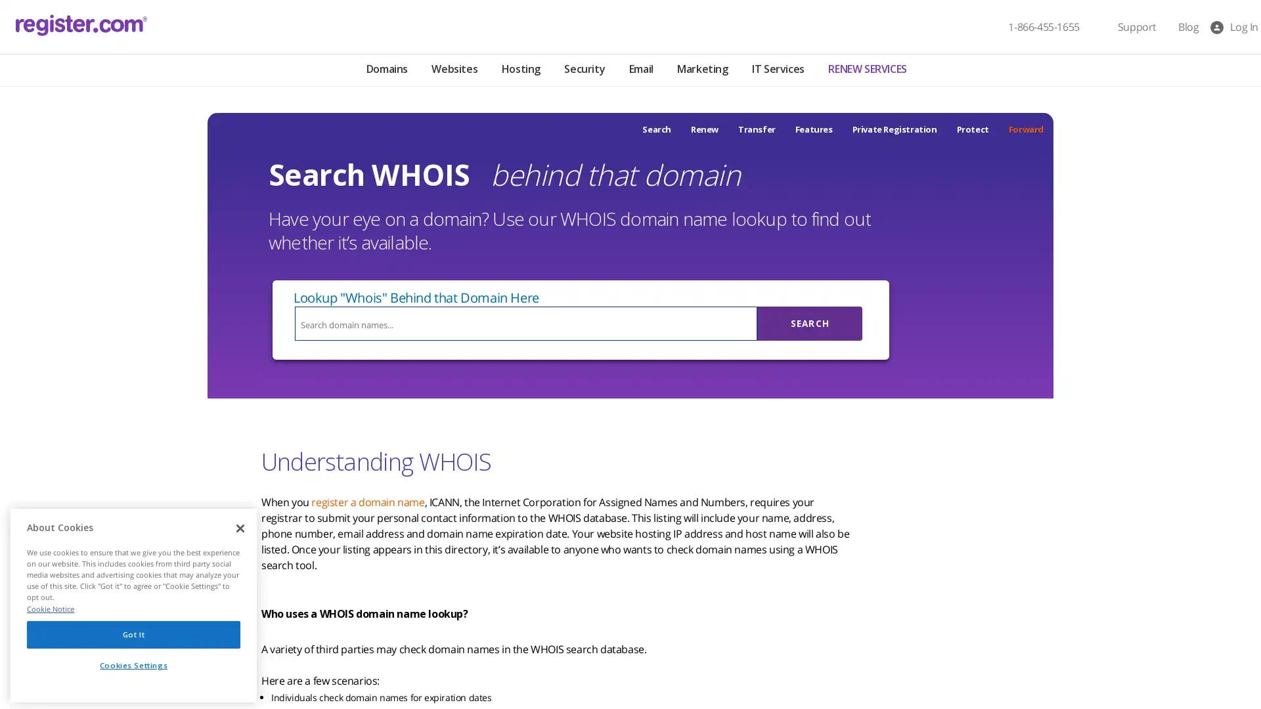 This screenshot has width=1261, height=709. Describe the element at coordinates (240, 528) in the screenshot. I see `Close` at that location.